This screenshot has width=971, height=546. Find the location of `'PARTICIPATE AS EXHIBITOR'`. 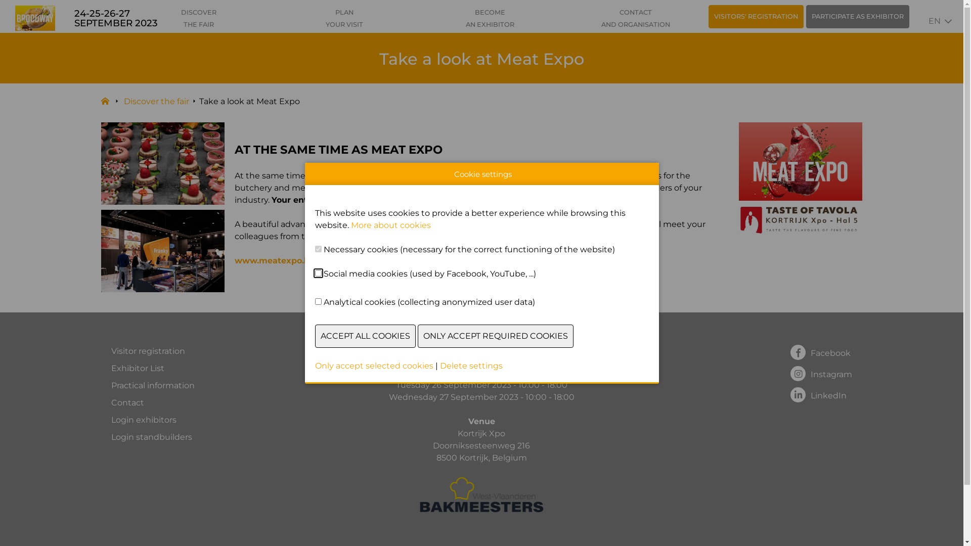

'PARTICIPATE AS EXHIBITOR' is located at coordinates (805, 17).